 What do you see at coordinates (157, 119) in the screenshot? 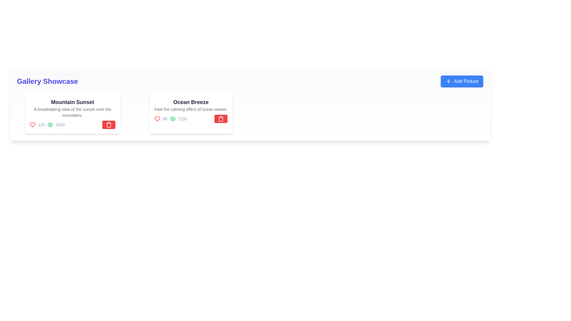
I see `the leftmost heart icon in the interaction summary row below the 'Ocean Breeze' card to express appreciation for the card's content` at bounding box center [157, 119].